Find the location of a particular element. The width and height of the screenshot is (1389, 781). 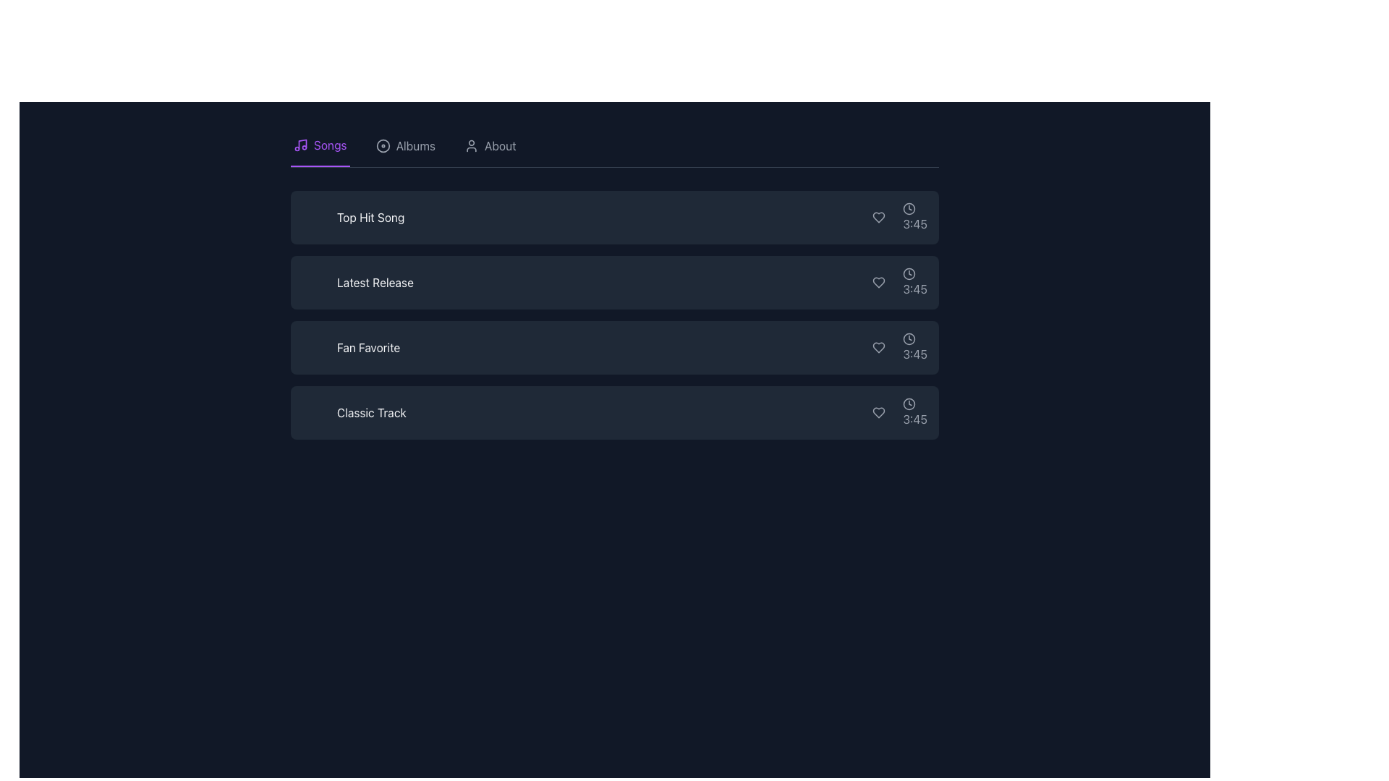

the small purple music icon located in the top left corner of the interface, adjacent to the 'Songs' label in the navigation menu is located at coordinates (300, 145).